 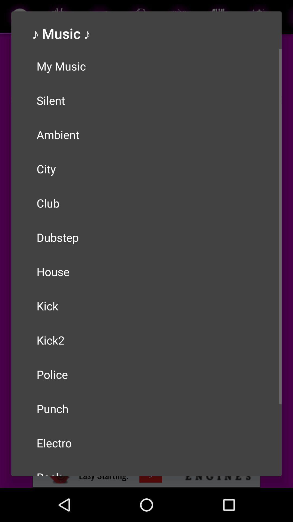 I want to click on the 		my music icon, so click(x=146, y=66).